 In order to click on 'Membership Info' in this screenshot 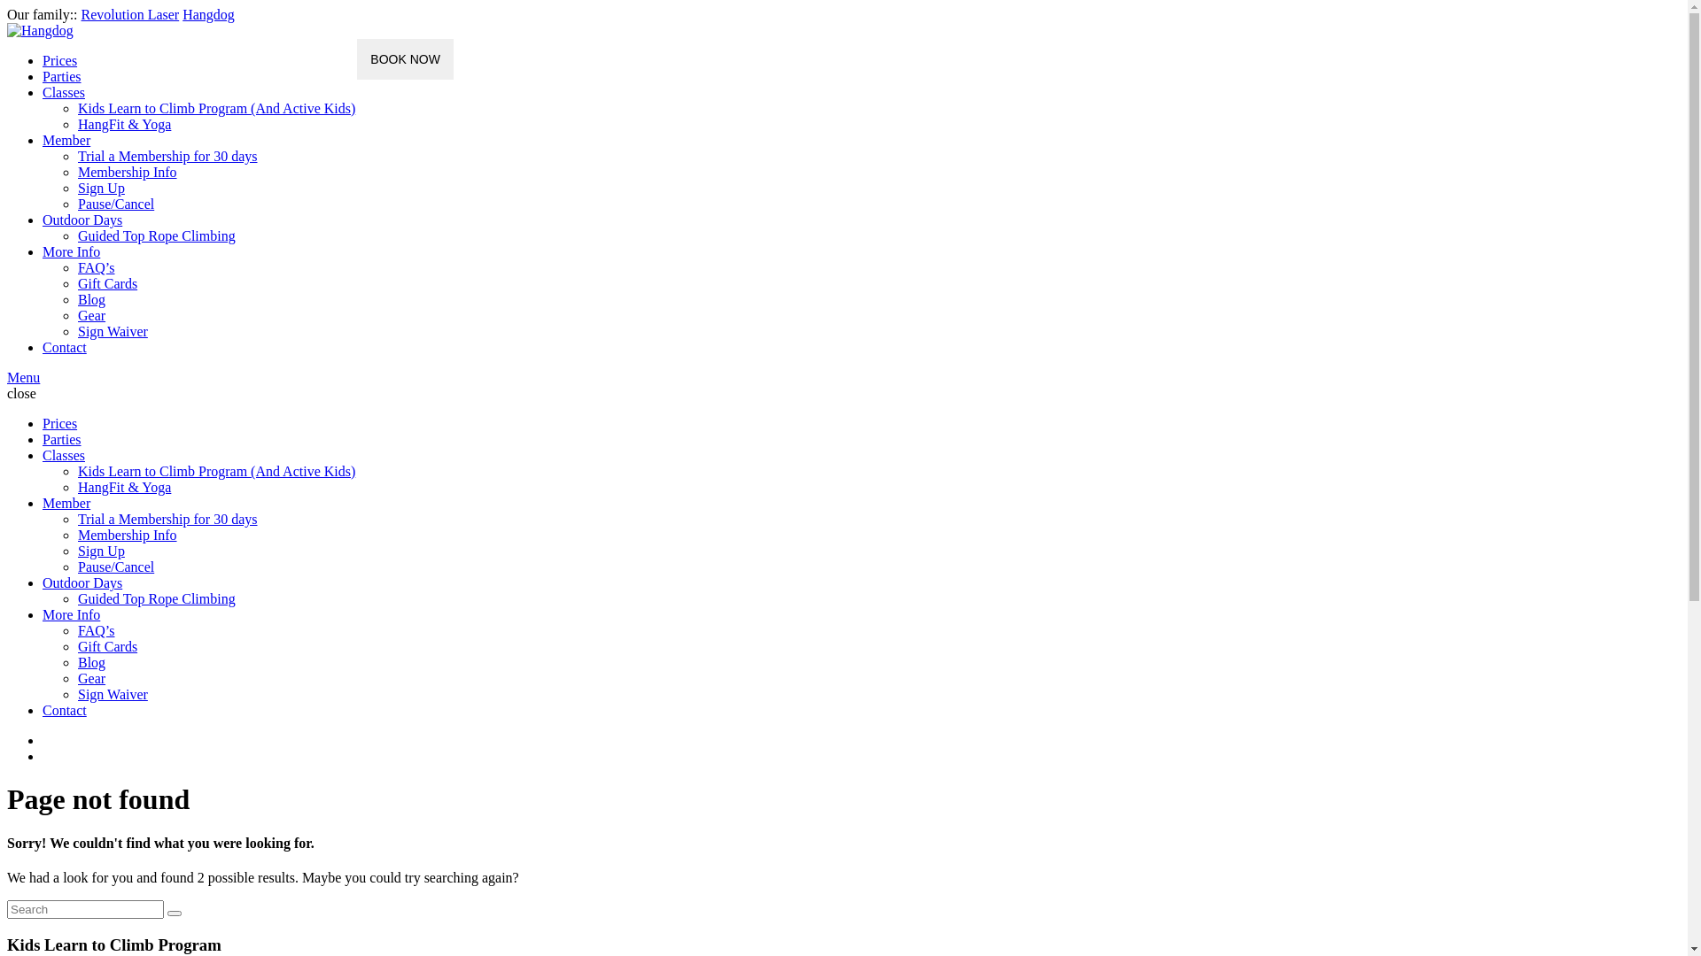, I will do `click(127, 534)`.